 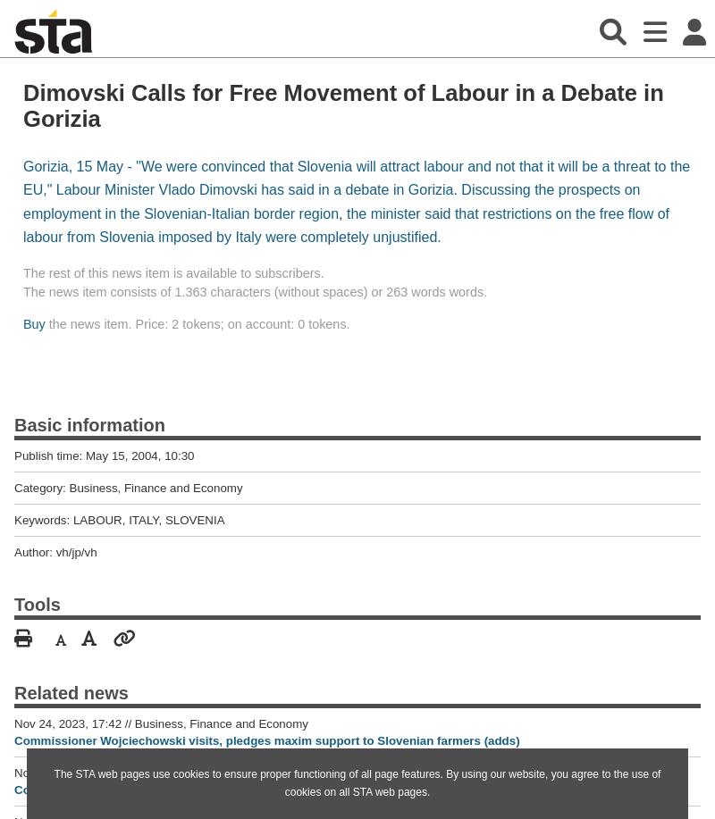 What do you see at coordinates (69, 723) in the screenshot?
I see `'Nov 24, 2023, 17:42'` at bounding box center [69, 723].